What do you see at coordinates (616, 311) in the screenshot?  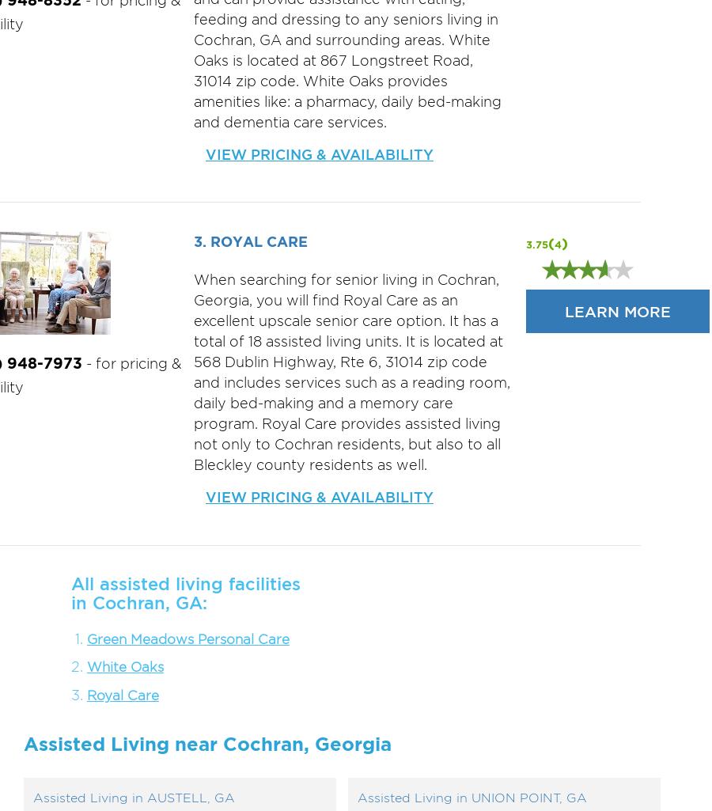 I see `'Learn More'` at bounding box center [616, 311].